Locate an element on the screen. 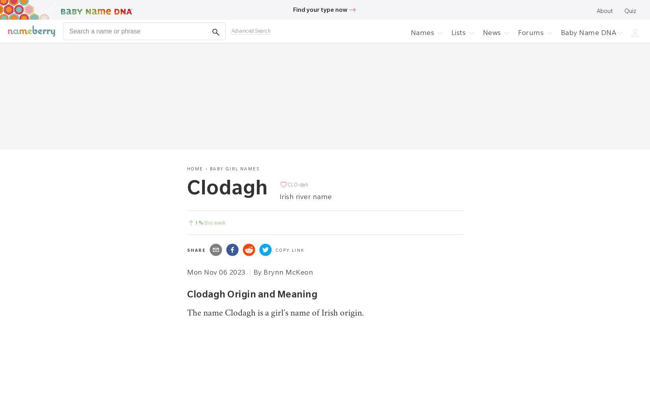 This screenshot has width=650, height=408. '1' is located at coordinates (195, 223).